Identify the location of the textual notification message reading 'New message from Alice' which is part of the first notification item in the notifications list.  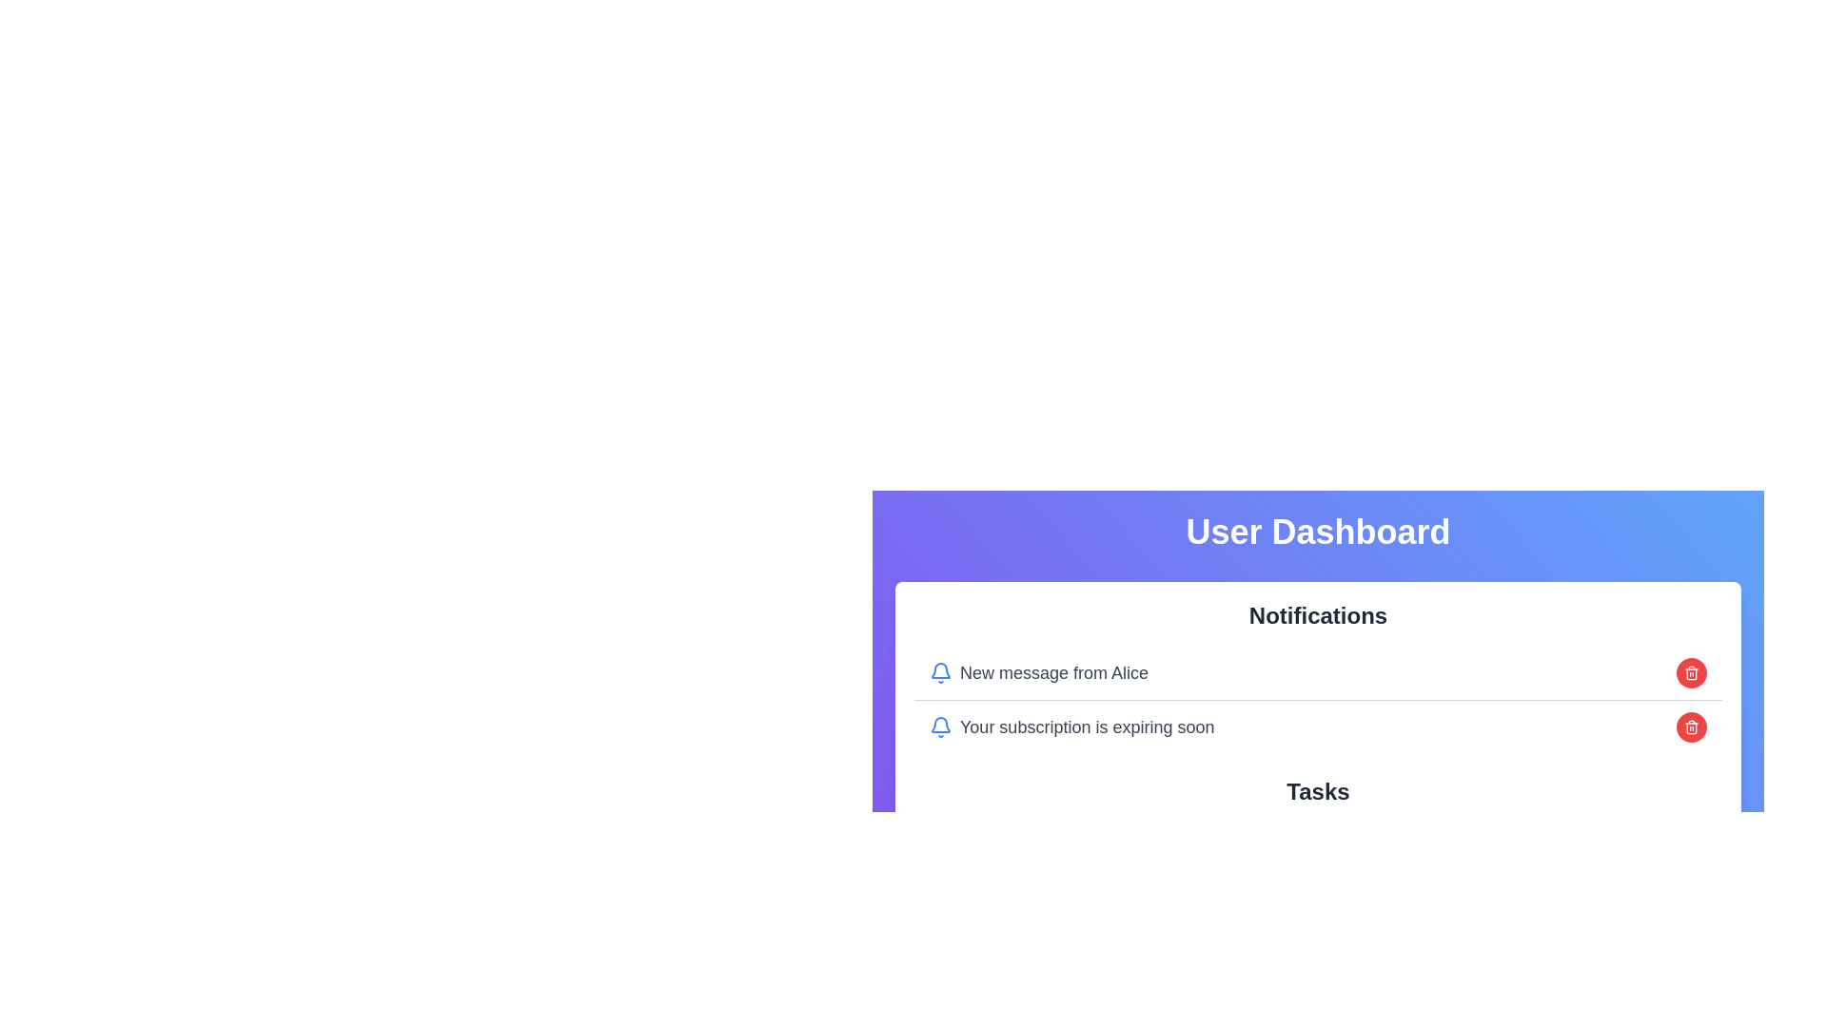
(1053, 672).